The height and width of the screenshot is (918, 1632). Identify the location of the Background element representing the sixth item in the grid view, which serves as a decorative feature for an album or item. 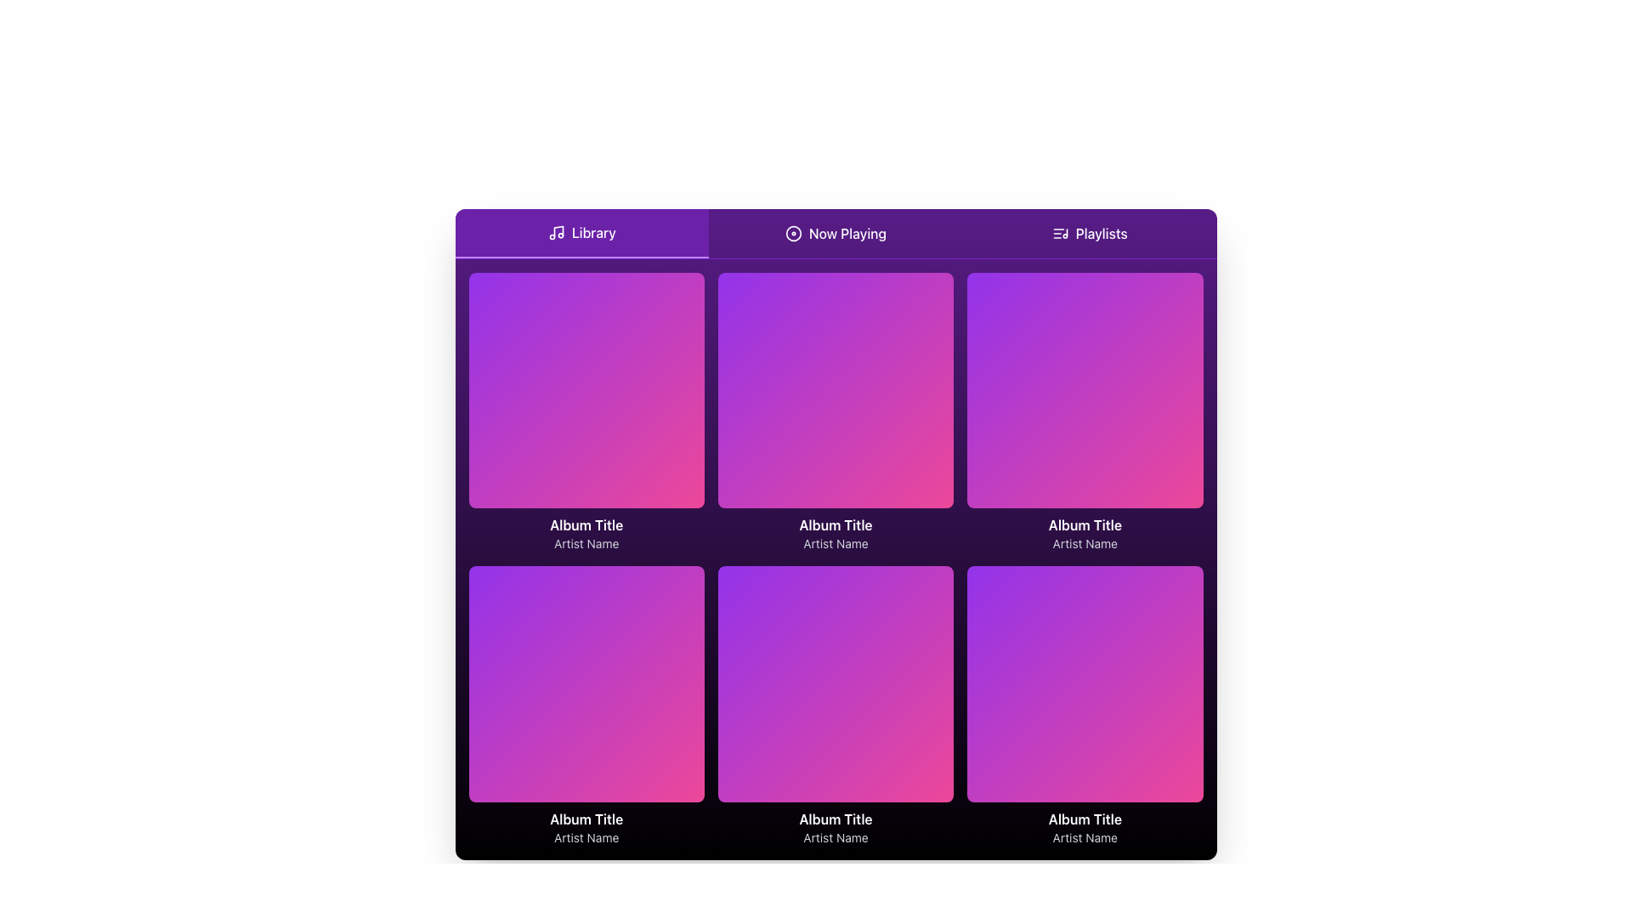
(836, 683).